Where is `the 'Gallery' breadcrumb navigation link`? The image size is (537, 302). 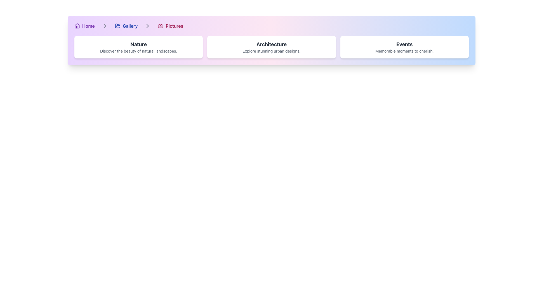
the 'Gallery' breadcrumb navigation link is located at coordinates (126, 26).